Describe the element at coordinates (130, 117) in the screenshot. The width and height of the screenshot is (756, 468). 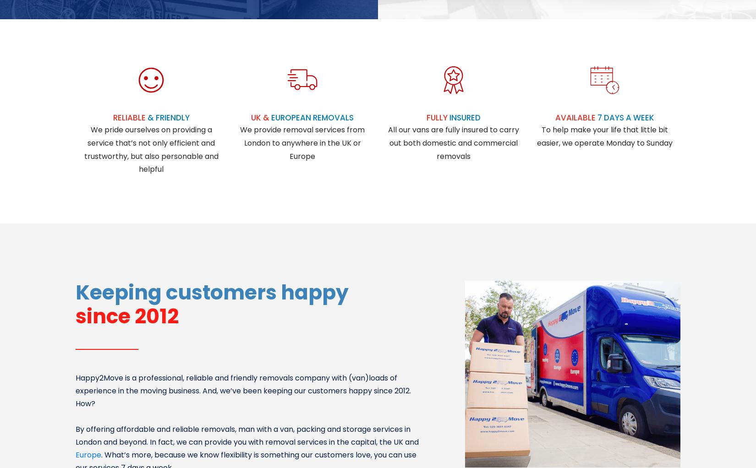
I see `'RELIABLE'` at that location.